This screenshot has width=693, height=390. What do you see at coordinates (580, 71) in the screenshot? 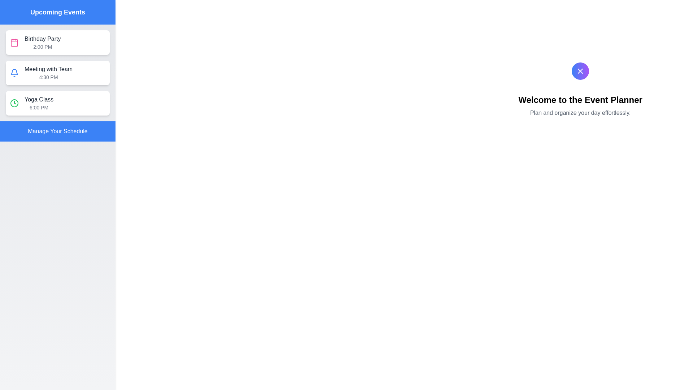
I see `the central 'x' icon within the close button of the modal, which is represented by two intersecting diagonal lines in a vector graphic style` at bounding box center [580, 71].